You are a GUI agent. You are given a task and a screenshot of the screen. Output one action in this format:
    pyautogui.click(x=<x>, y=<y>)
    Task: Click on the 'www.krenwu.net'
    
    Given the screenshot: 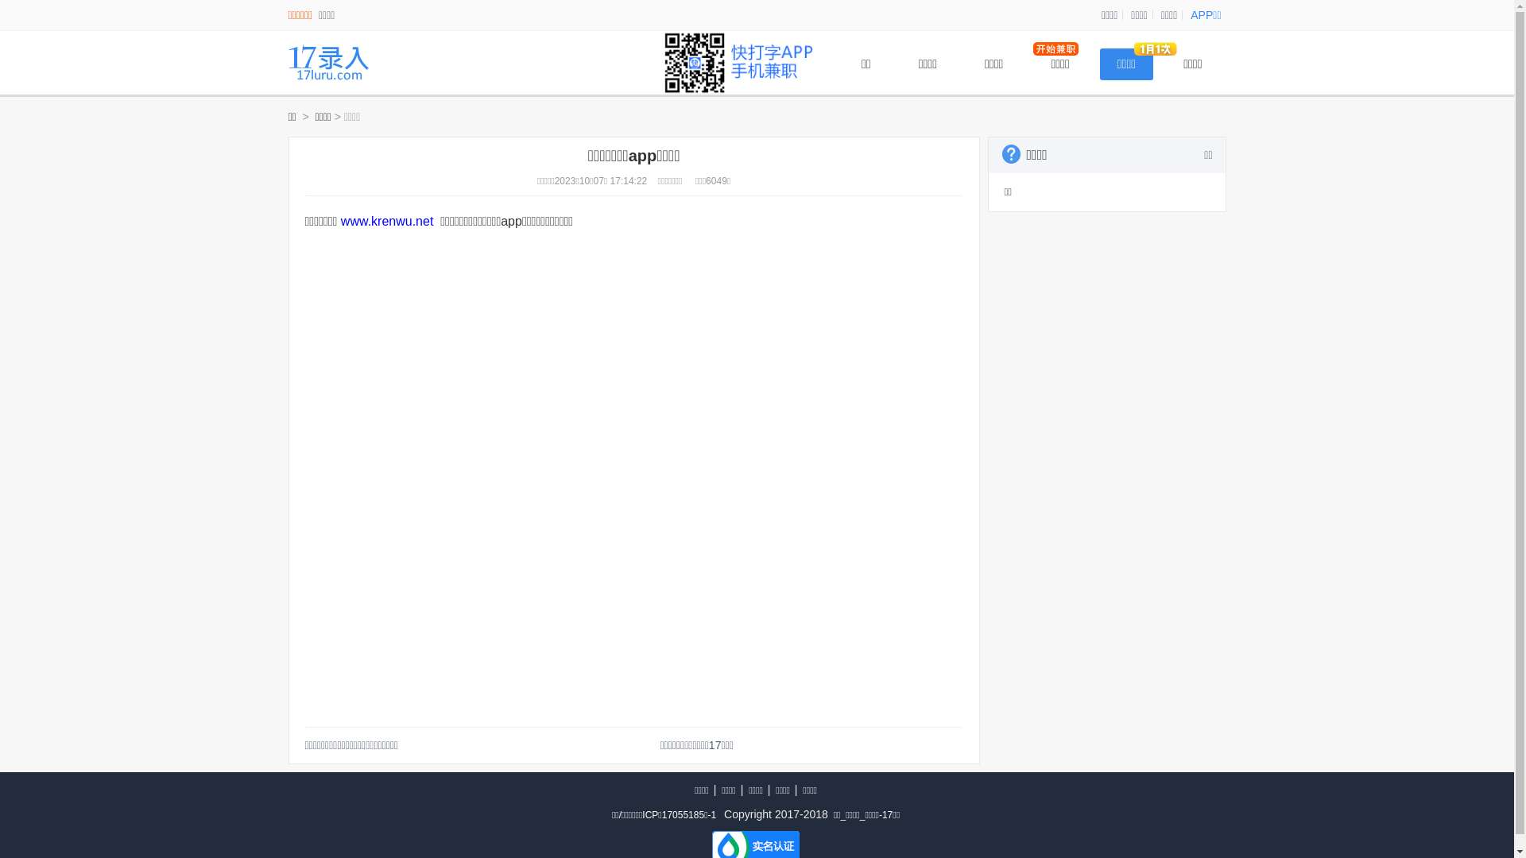 What is the action you would take?
    pyautogui.click(x=387, y=221)
    